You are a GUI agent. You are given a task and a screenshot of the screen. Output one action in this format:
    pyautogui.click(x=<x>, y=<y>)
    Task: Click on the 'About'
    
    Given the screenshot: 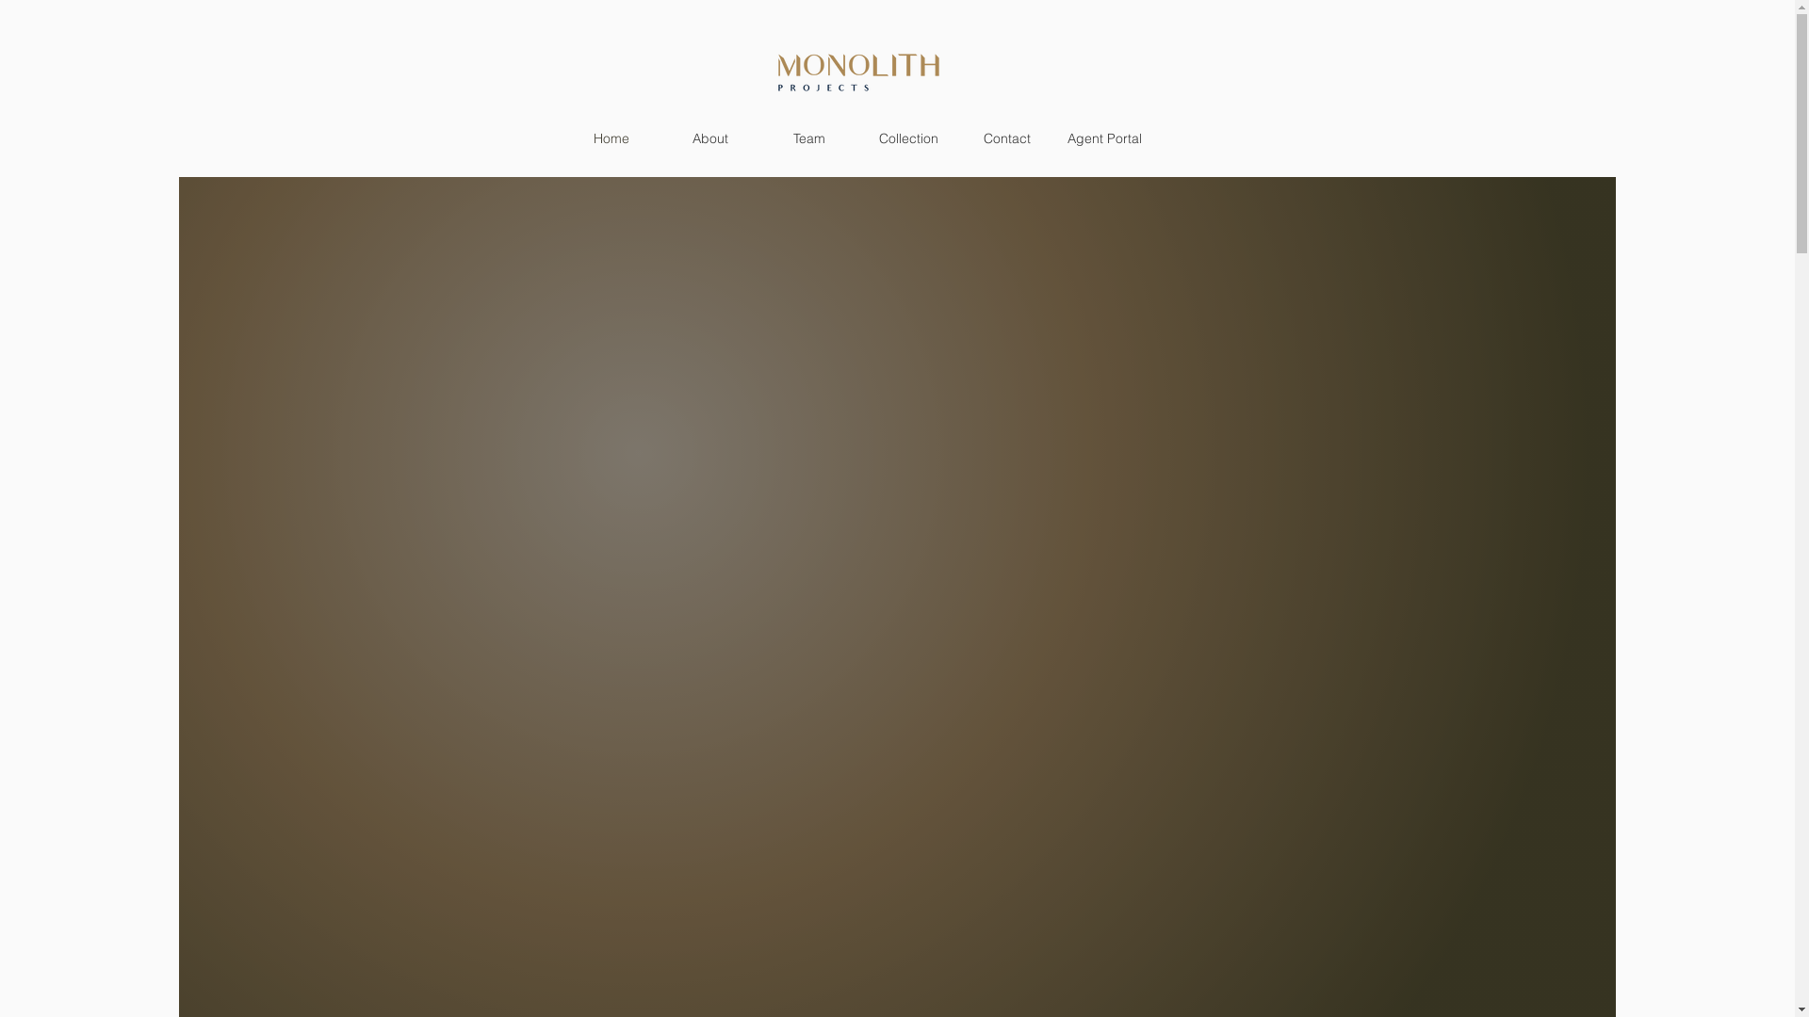 What is the action you would take?
    pyautogui.click(x=709, y=137)
    